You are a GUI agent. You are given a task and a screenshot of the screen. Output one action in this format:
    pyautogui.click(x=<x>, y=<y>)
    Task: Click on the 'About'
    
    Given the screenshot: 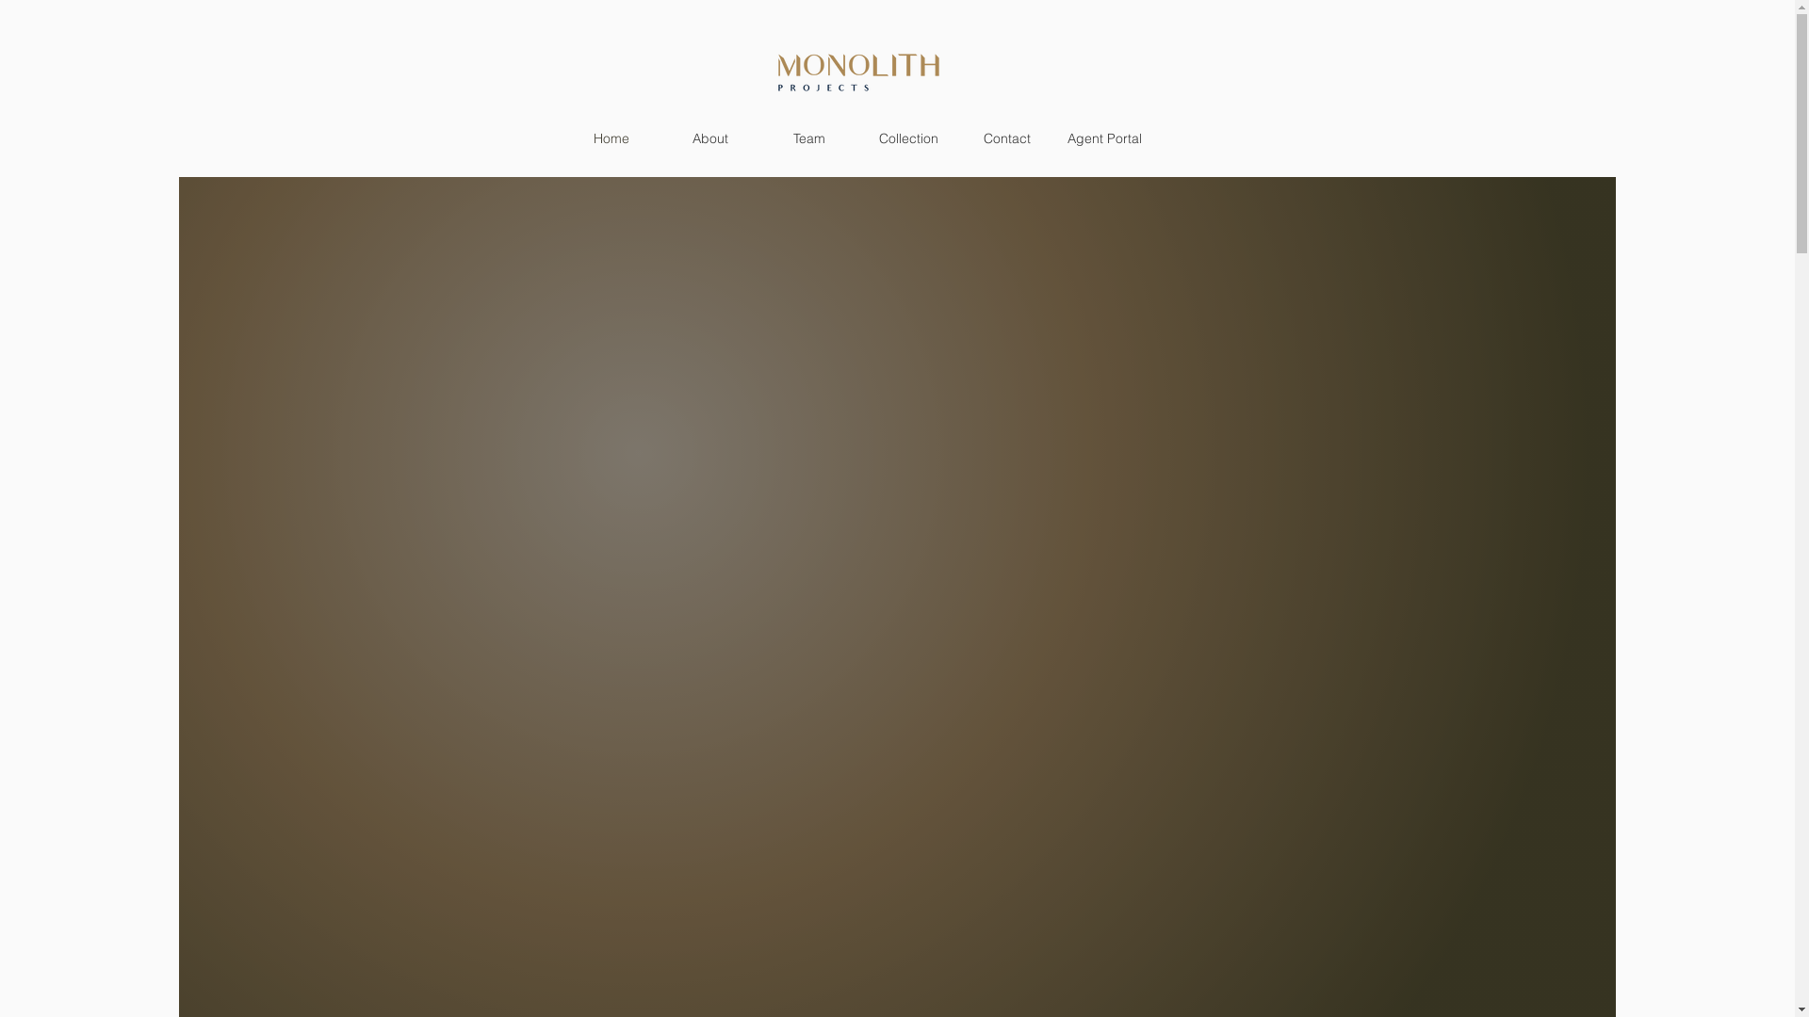 What is the action you would take?
    pyautogui.click(x=709, y=137)
    